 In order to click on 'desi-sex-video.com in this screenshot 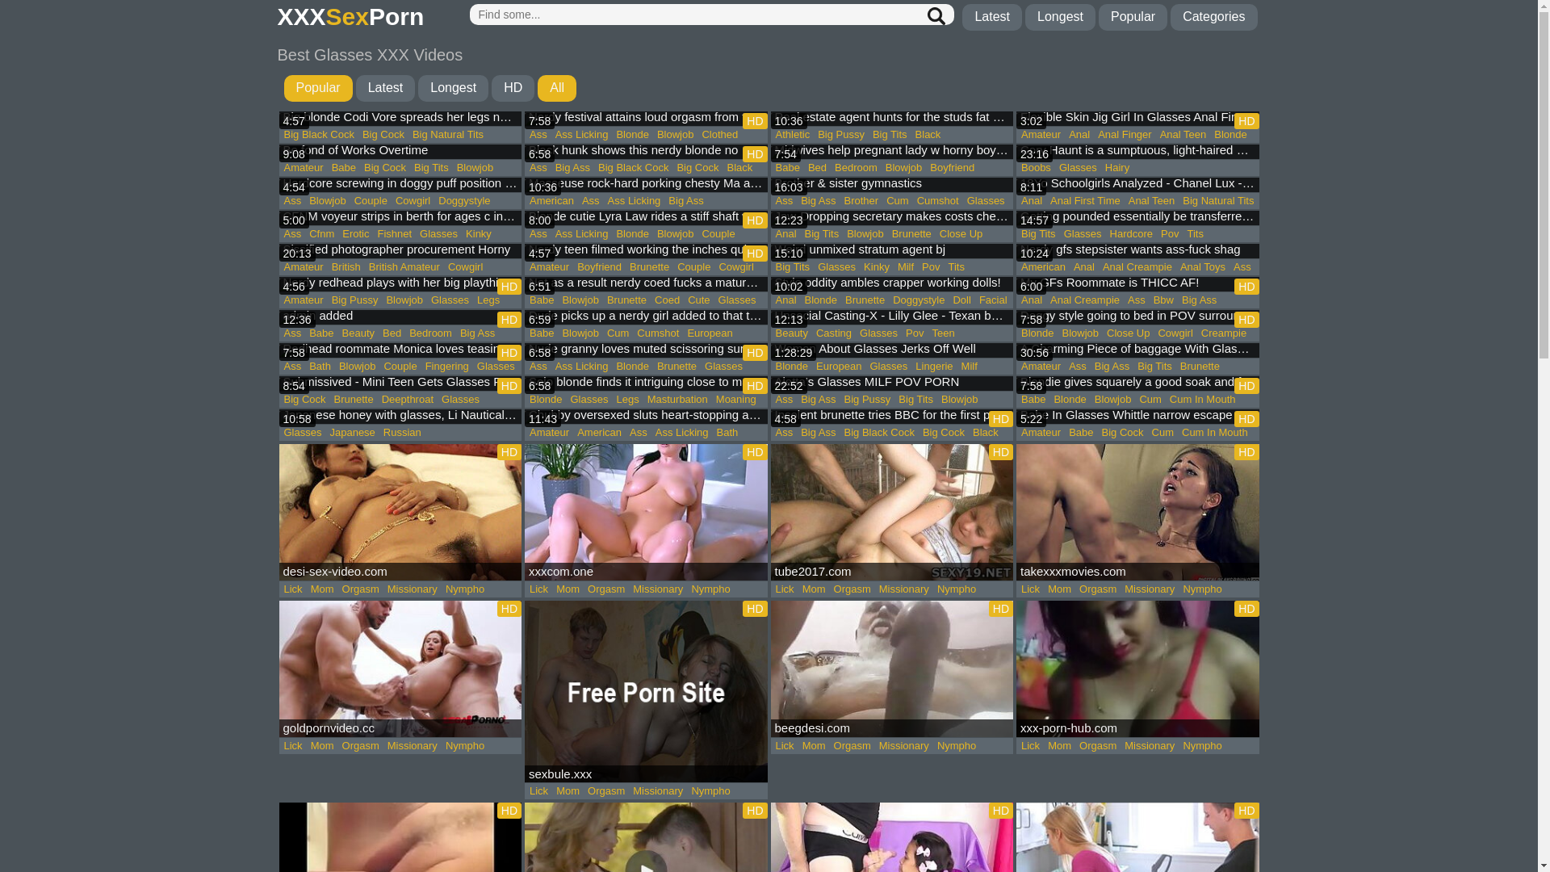, I will do `click(400, 512)`.